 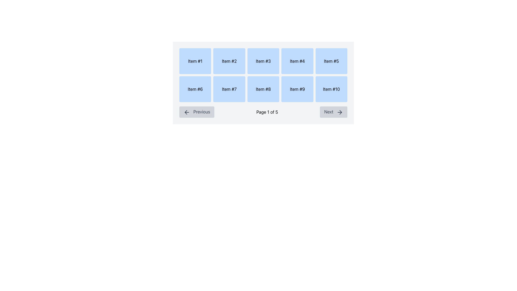 I want to click on the text label 'Item #7' which is displayed in bold black text on a light blue rectangular box, located in the first row of the second column in the grid layout, so click(x=229, y=89).